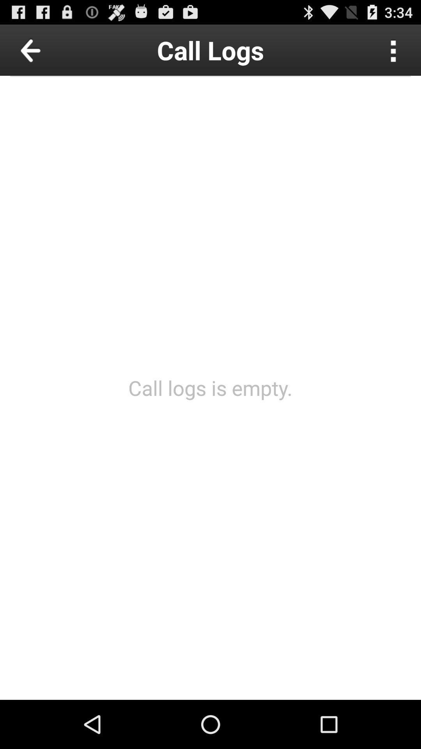  I want to click on settings, so click(393, 50).